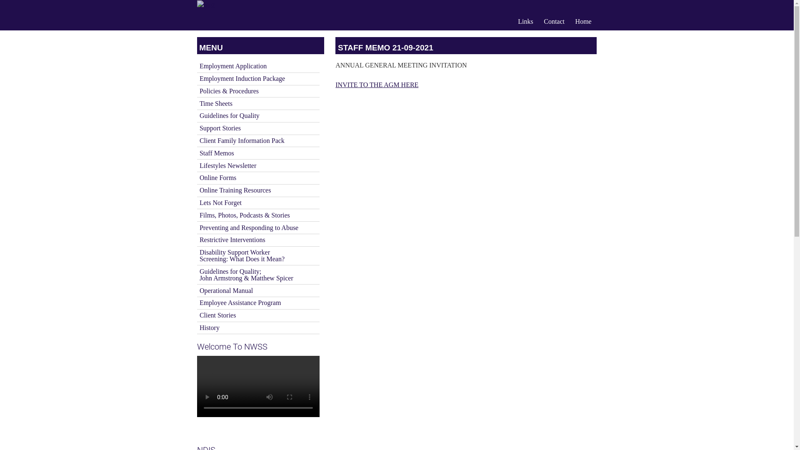 The width and height of the screenshot is (800, 450). I want to click on 'Guidelines for Quality;, so click(257, 275).